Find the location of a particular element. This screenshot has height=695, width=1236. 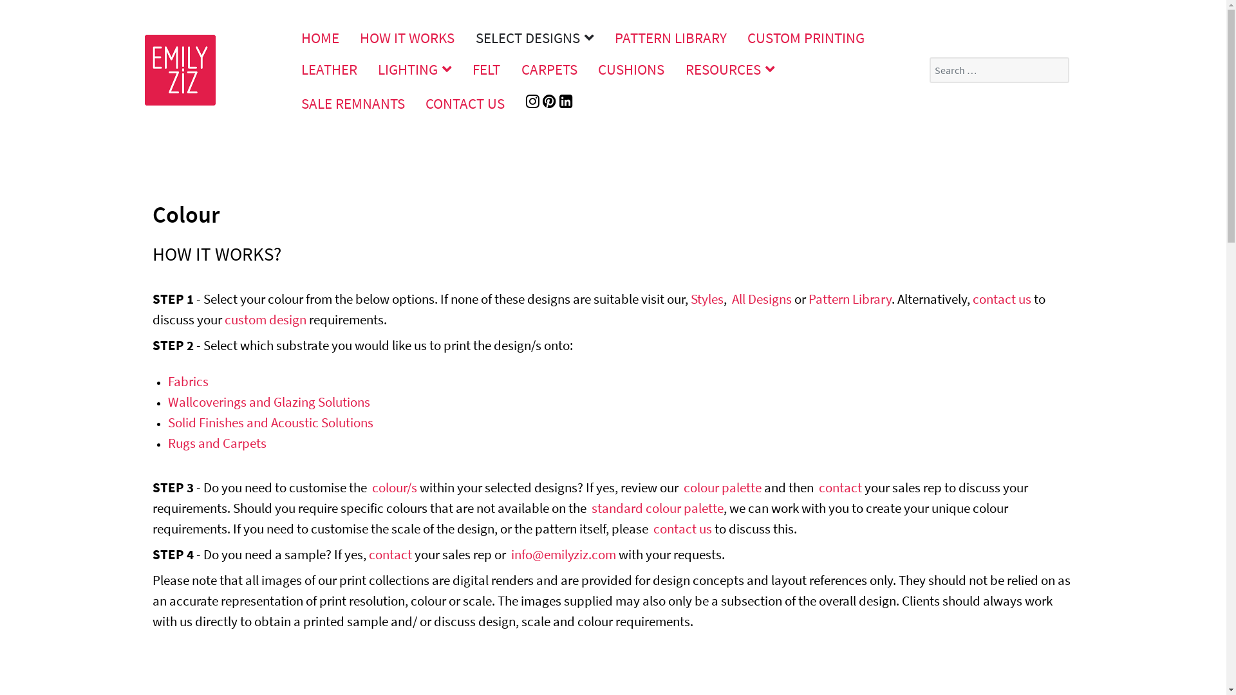

'SALE REMNANTS' is located at coordinates (290, 102).